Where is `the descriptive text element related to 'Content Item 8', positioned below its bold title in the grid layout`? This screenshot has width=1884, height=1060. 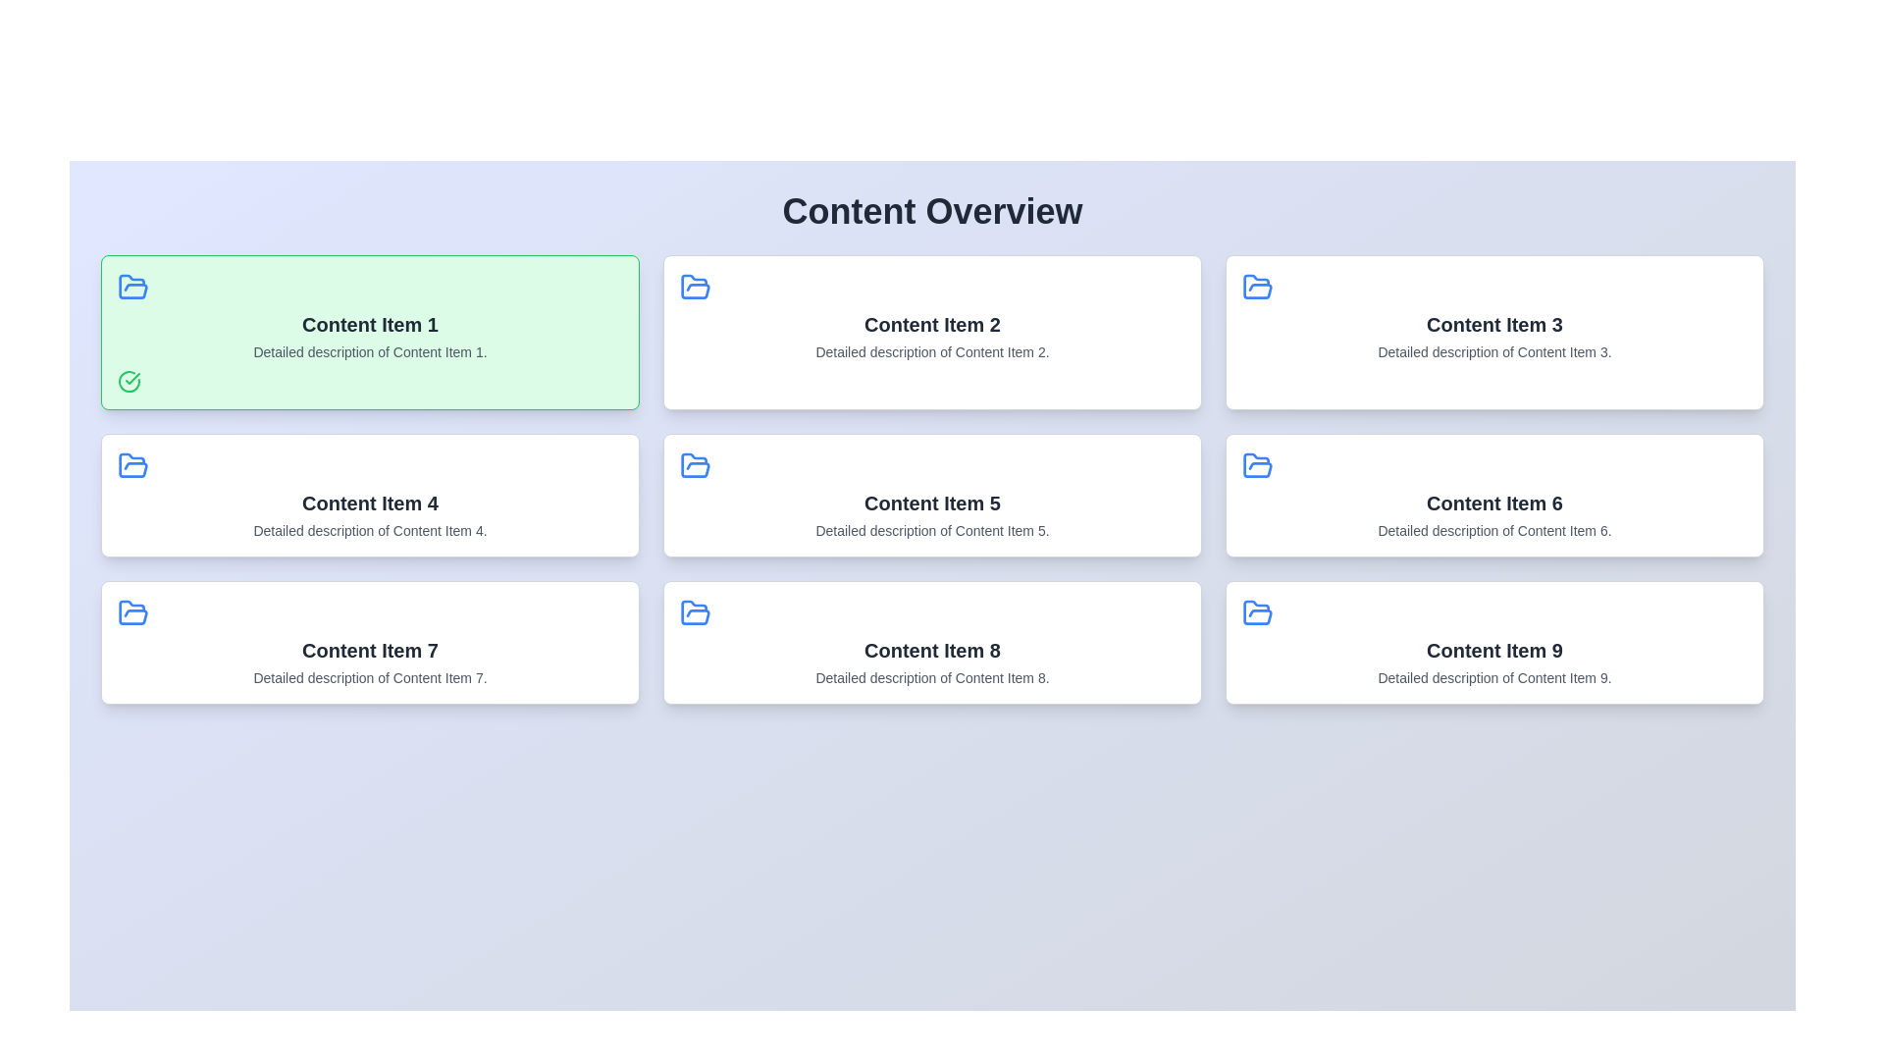 the descriptive text element related to 'Content Item 8', positioned below its bold title in the grid layout is located at coordinates (931, 676).